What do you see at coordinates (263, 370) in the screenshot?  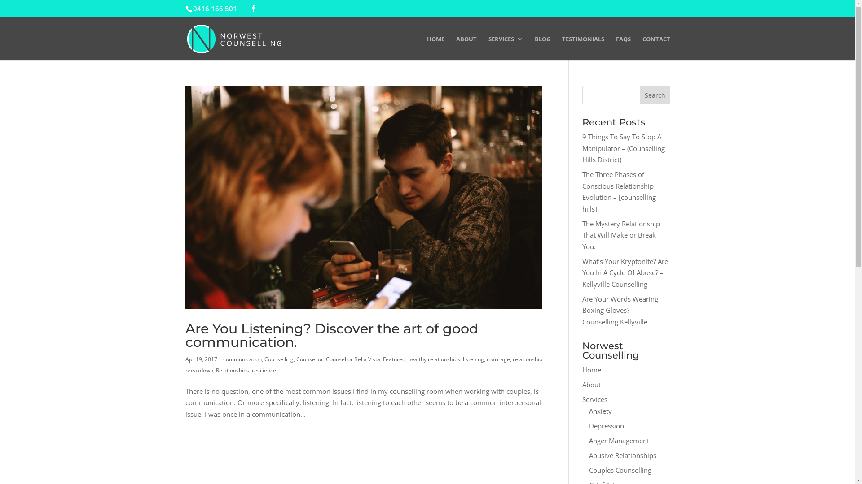 I see `'resilience'` at bounding box center [263, 370].